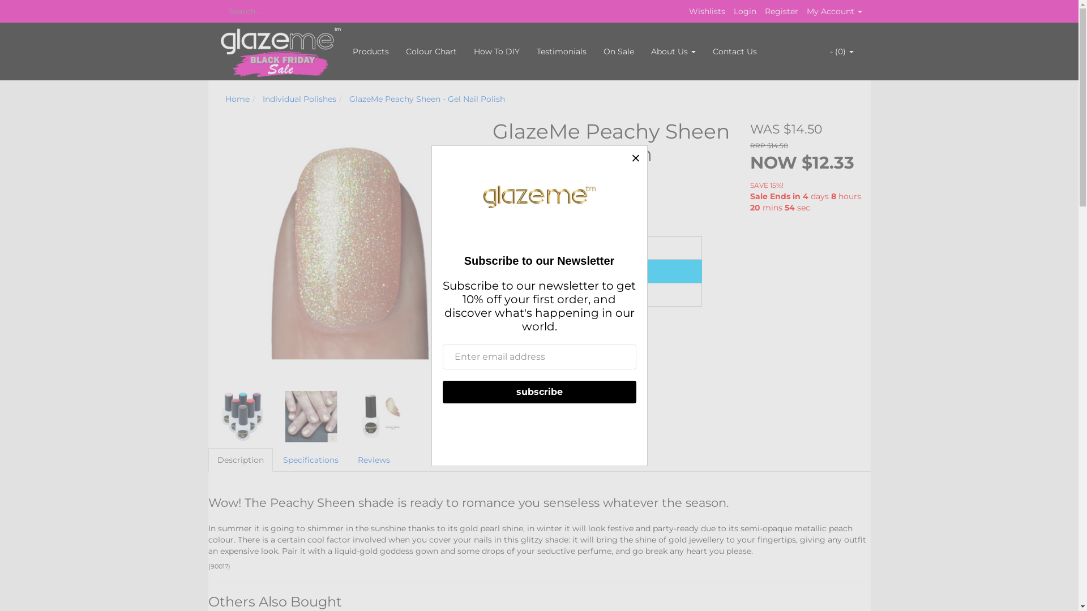  What do you see at coordinates (370, 51) in the screenshot?
I see `'Products'` at bounding box center [370, 51].